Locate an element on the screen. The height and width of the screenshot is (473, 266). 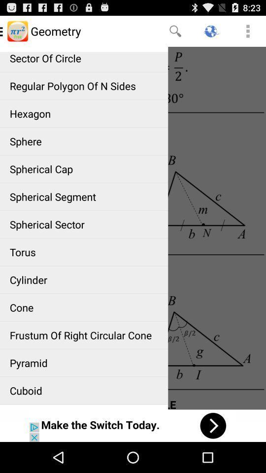
geometry article is located at coordinates (133, 228).